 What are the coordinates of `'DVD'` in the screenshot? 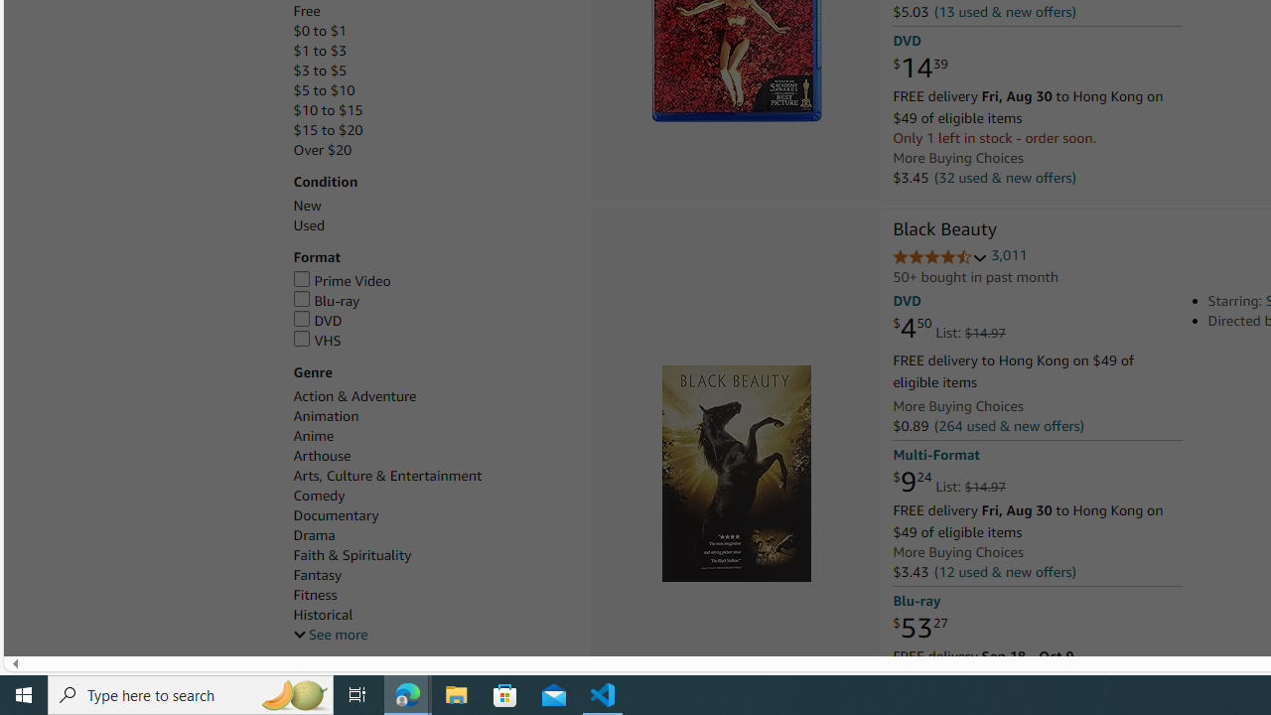 It's located at (318, 319).